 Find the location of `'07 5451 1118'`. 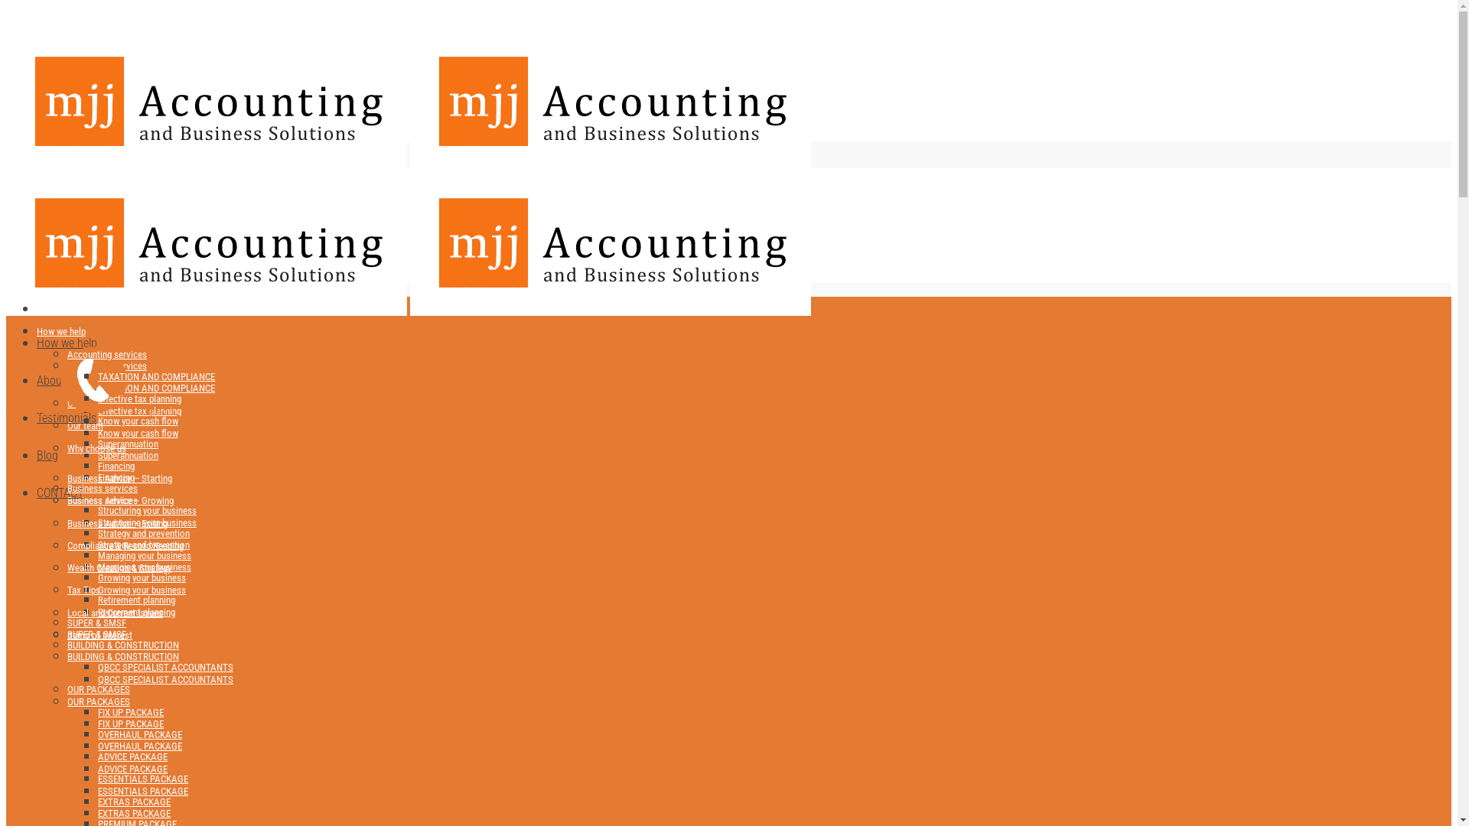

'07 5451 1118' is located at coordinates (80, 245).